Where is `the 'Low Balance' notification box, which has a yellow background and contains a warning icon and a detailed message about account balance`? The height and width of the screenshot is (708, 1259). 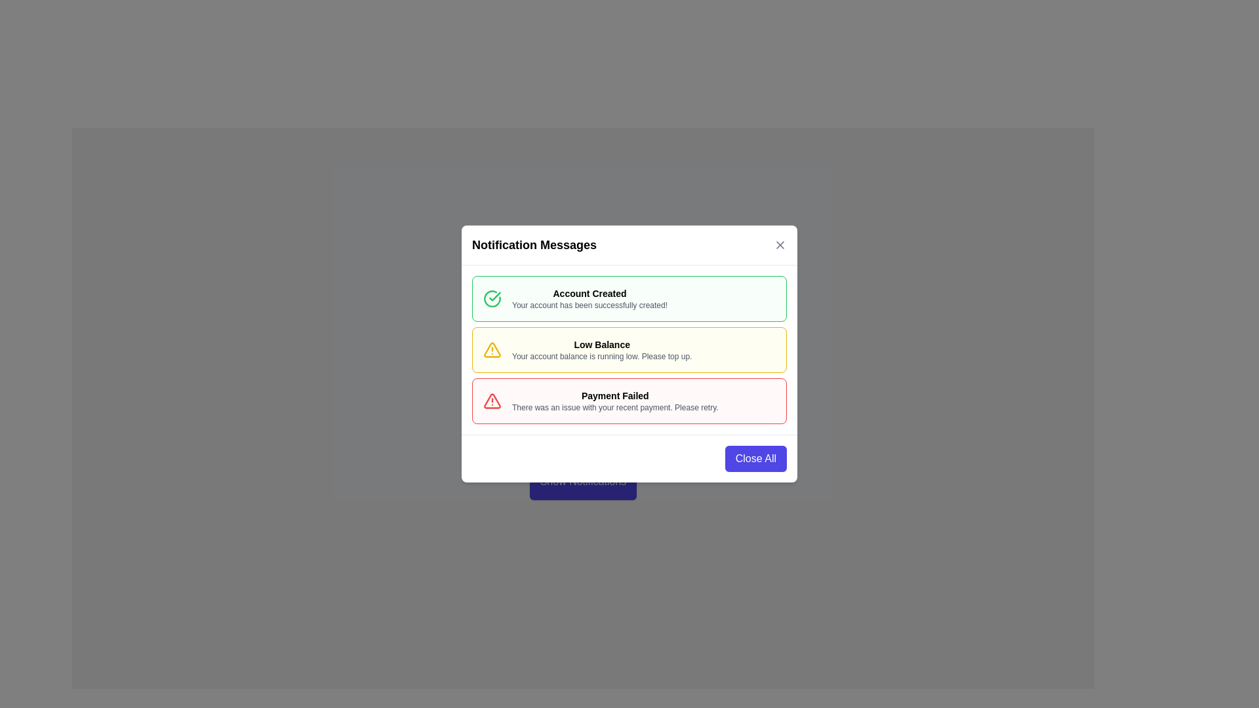 the 'Low Balance' notification box, which has a yellow background and contains a warning icon and a detailed message about account balance is located at coordinates (629, 349).